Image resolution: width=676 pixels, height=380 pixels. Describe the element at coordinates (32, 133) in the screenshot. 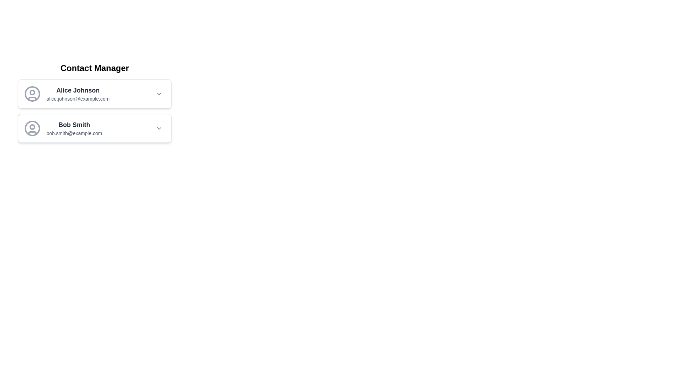

I see `properties of the lower part of the SVG-based user profile icon located in the profile picture area under the 'Contact Manager' section` at that location.